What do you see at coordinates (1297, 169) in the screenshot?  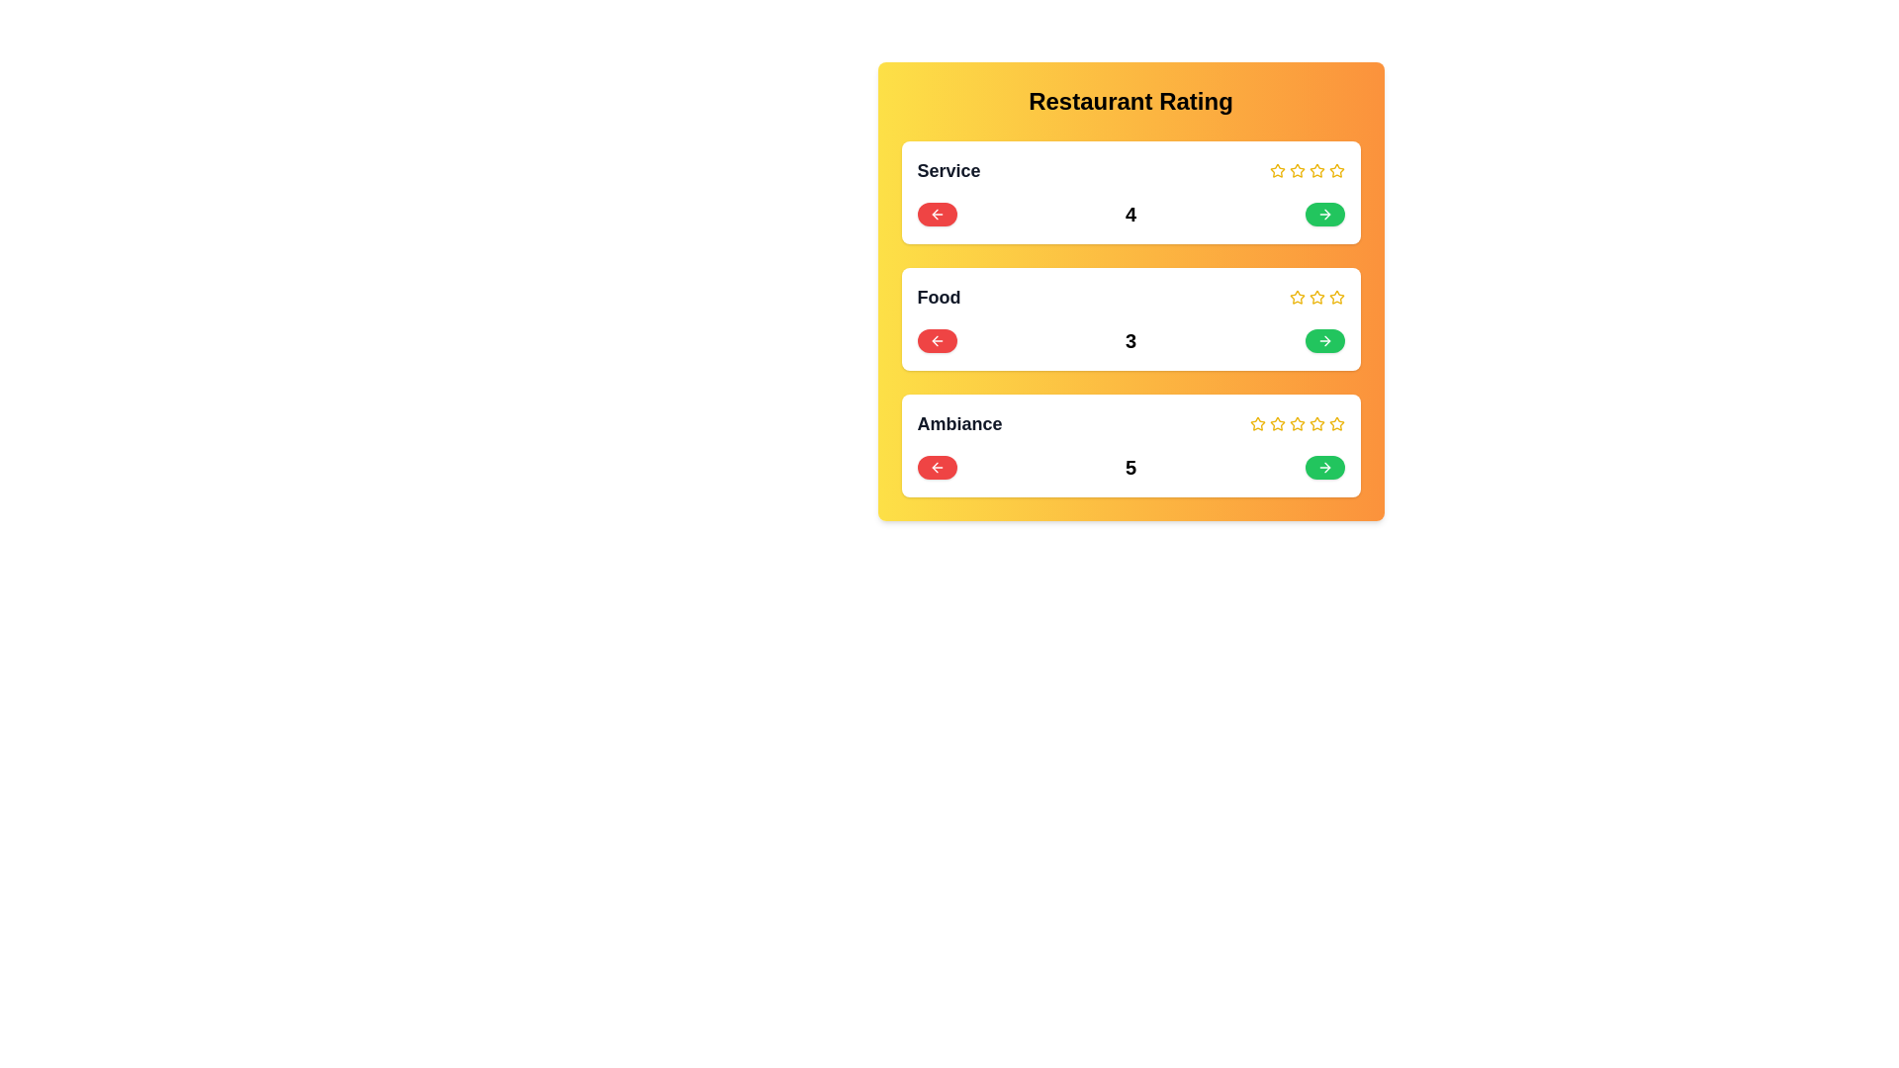 I see `the first star in the rating section` at bounding box center [1297, 169].